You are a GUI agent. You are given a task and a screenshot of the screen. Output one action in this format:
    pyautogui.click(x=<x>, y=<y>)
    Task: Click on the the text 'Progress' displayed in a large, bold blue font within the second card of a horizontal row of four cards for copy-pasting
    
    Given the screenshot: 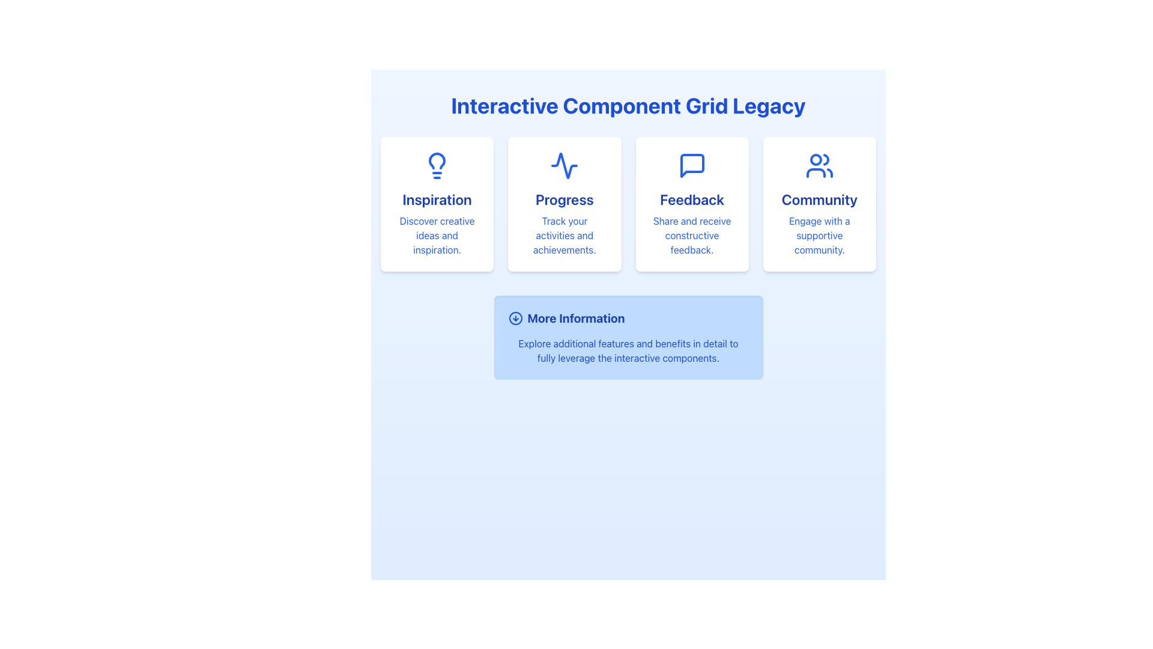 What is the action you would take?
    pyautogui.click(x=564, y=198)
    